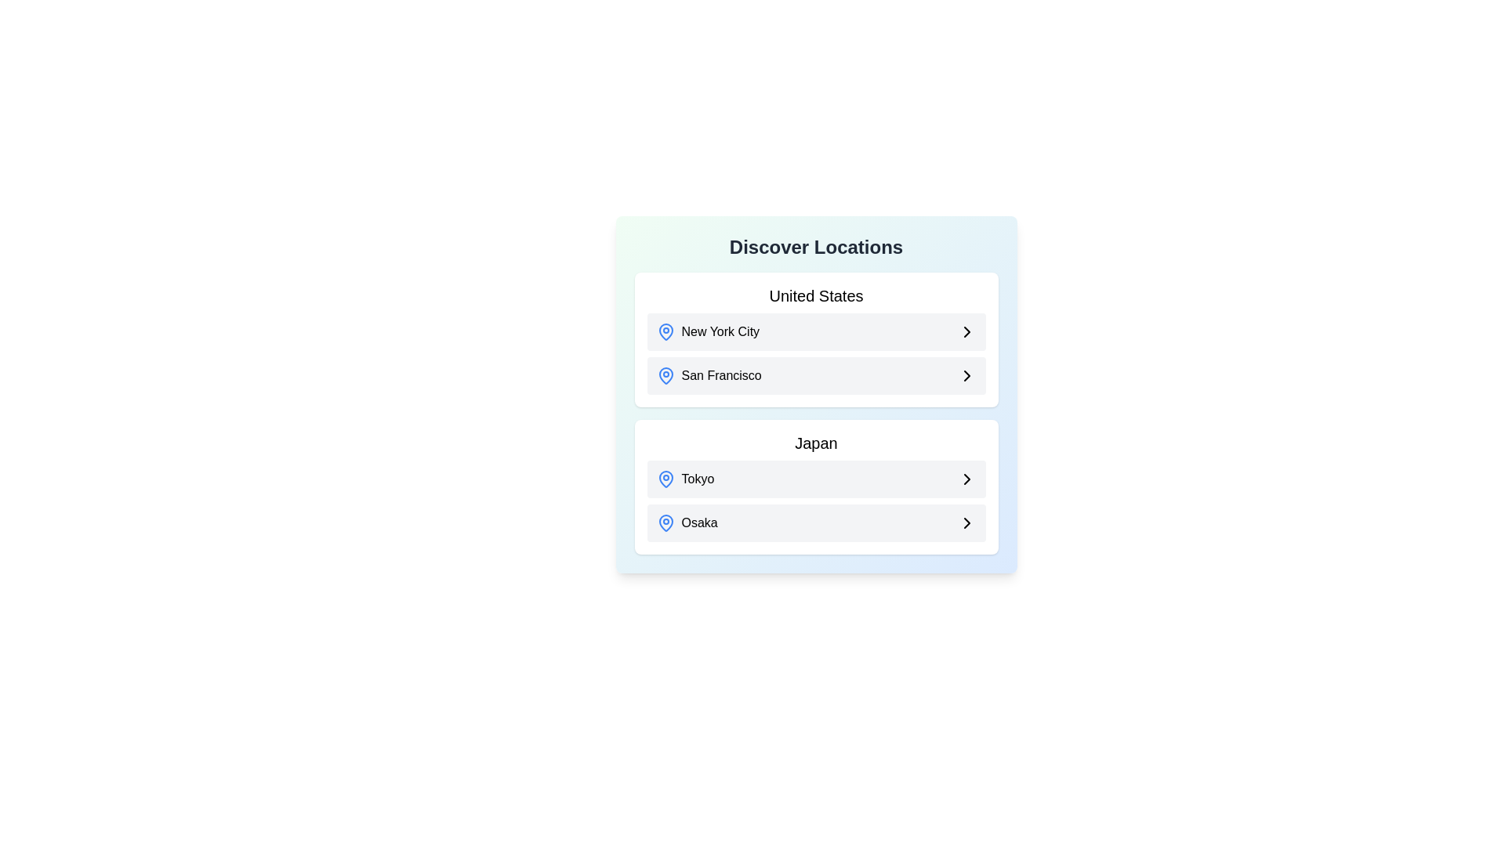 The height and width of the screenshot is (846, 1505). Describe the element at coordinates (665, 479) in the screenshot. I see `the geolocation icon representing 'Tokyo' in the 'Japan' section` at that location.